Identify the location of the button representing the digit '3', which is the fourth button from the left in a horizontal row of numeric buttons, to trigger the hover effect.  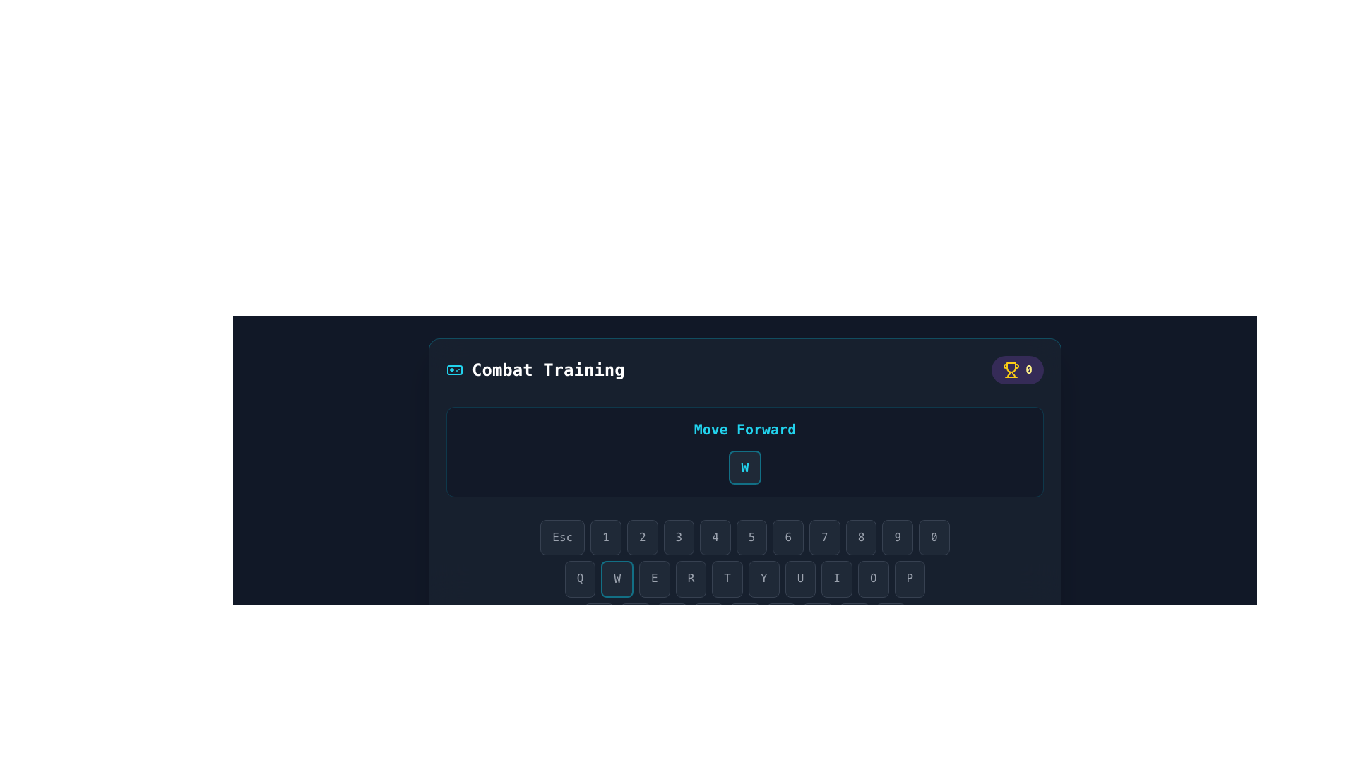
(679, 537).